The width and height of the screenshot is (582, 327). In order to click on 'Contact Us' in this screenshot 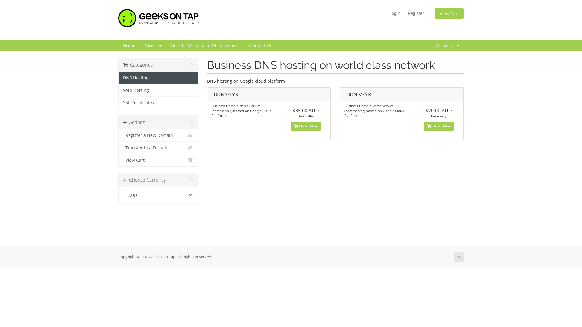, I will do `click(260, 45)`.